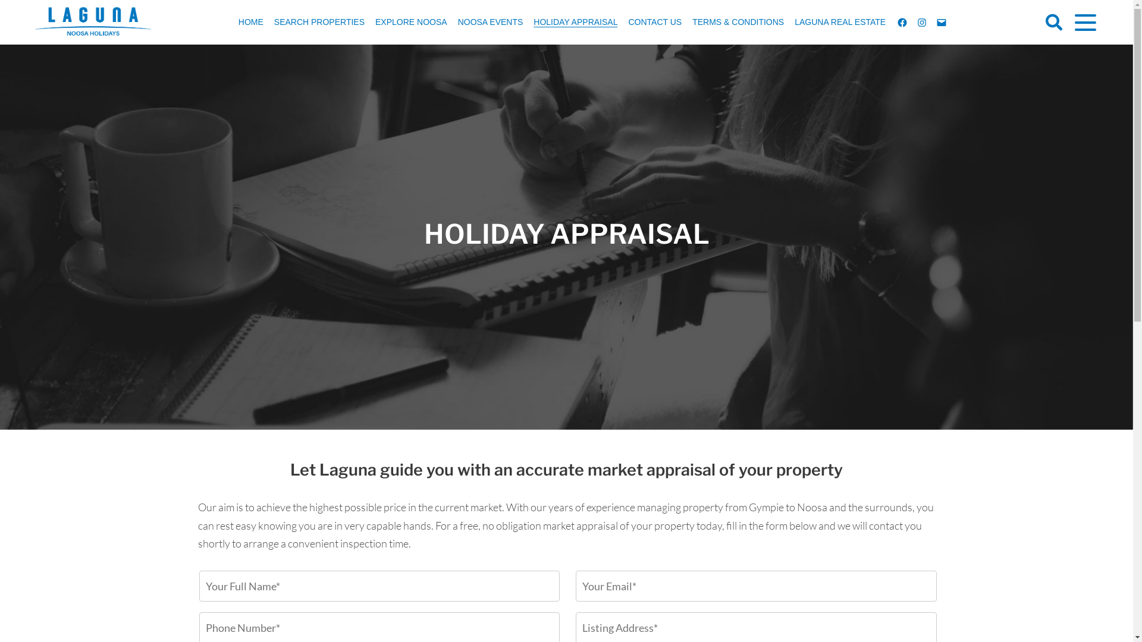 The height and width of the screenshot is (642, 1142). What do you see at coordinates (902, 22) in the screenshot?
I see `'FACEBOOK'` at bounding box center [902, 22].